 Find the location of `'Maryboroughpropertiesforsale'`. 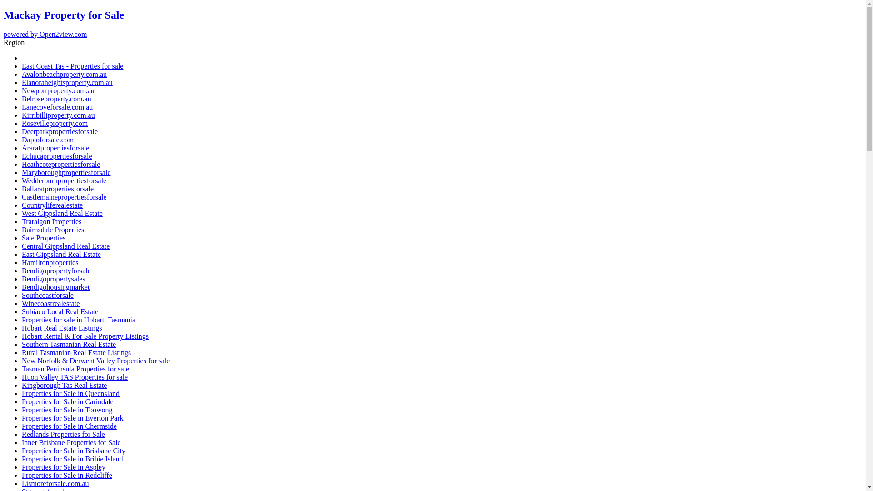

'Maryboroughpropertiesforsale' is located at coordinates (65, 172).